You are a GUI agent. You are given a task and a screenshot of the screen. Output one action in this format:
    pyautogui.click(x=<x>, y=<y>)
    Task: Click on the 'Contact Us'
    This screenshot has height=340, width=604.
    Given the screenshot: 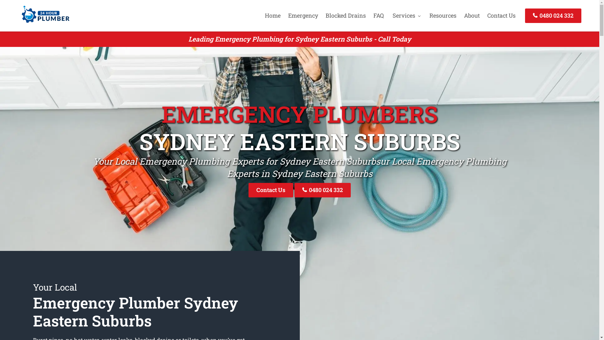 What is the action you would take?
    pyautogui.click(x=501, y=15)
    